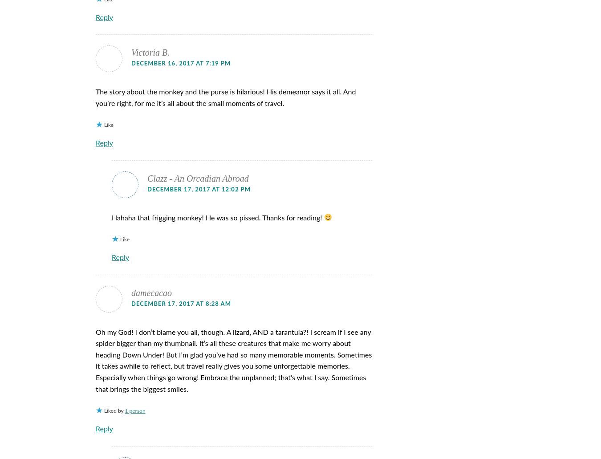 The image size is (601, 459). Describe the element at coordinates (225, 97) in the screenshot. I see `'The story about the monkey and the purse is hilarious! His demeanor says it all. And you’re right, for me it’s all about the small moments of travel.'` at that location.